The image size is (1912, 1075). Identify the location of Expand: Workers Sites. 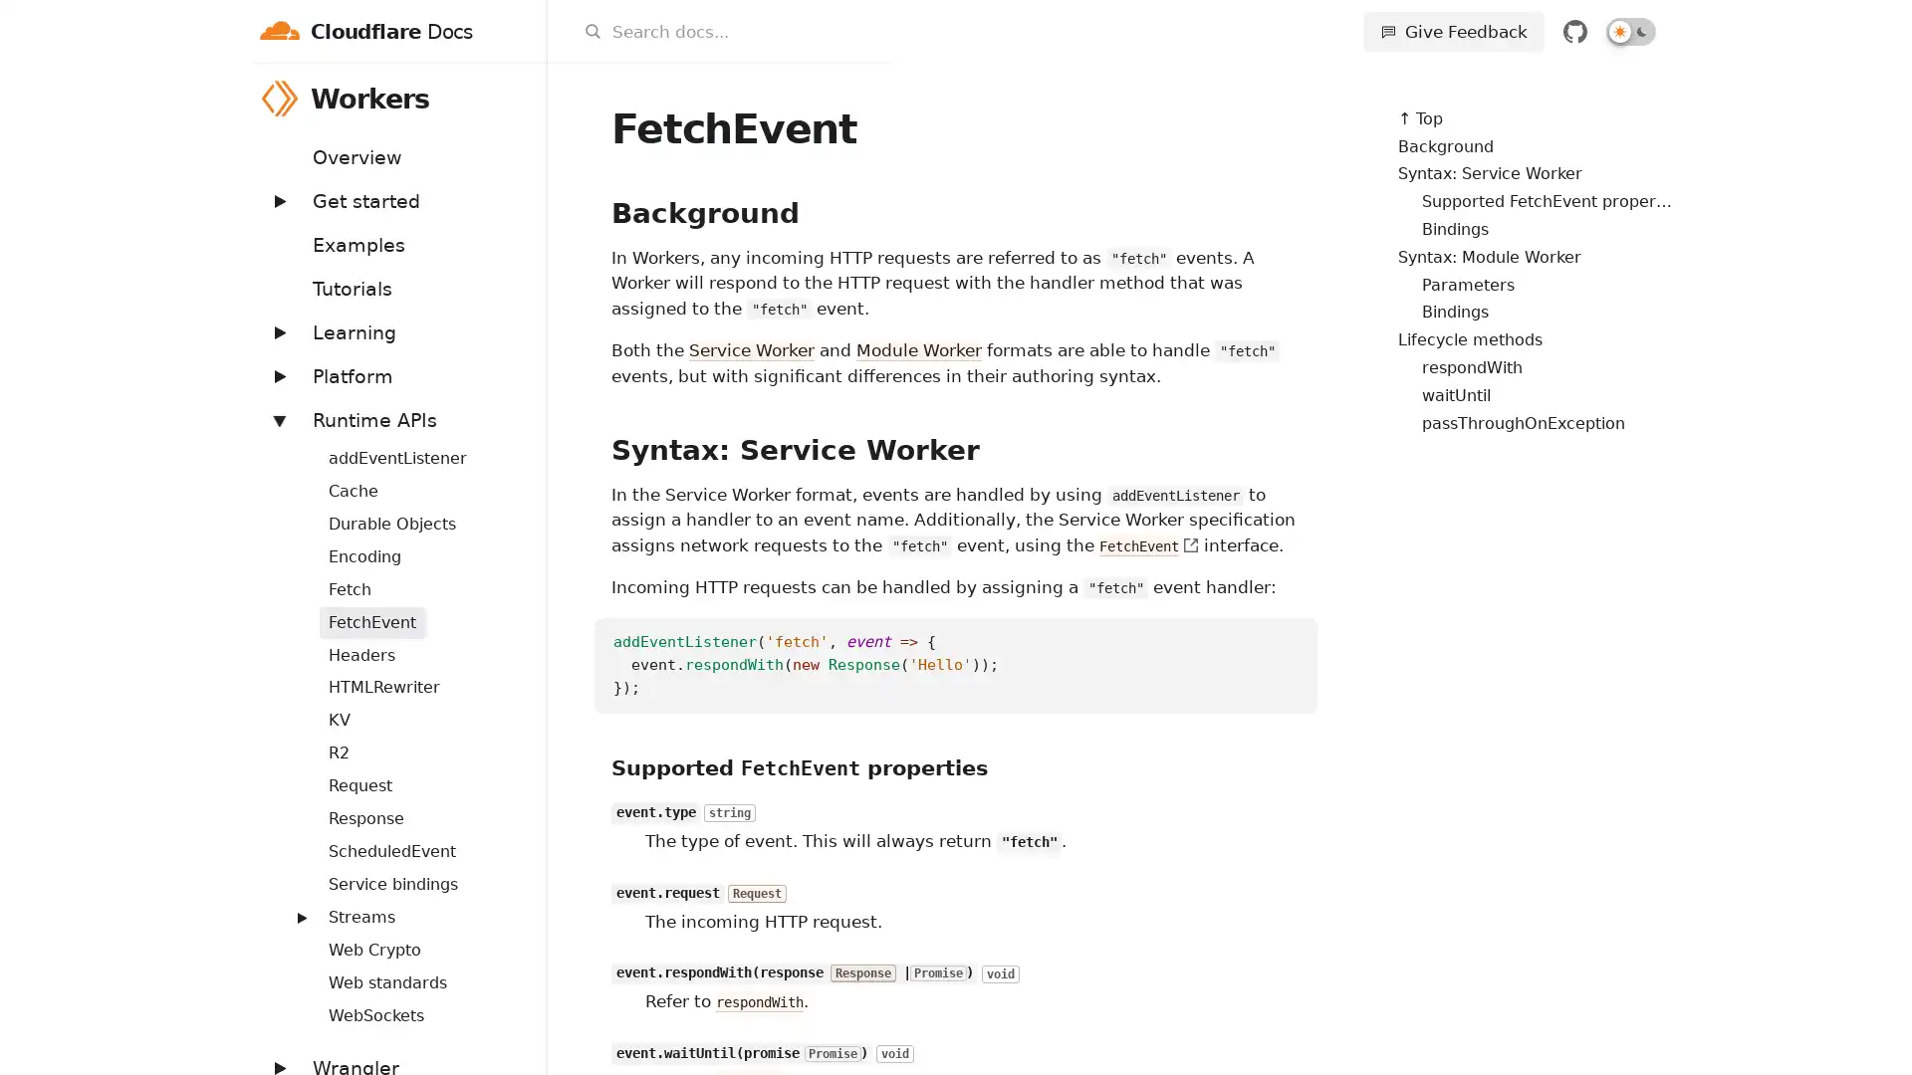
(290, 906).